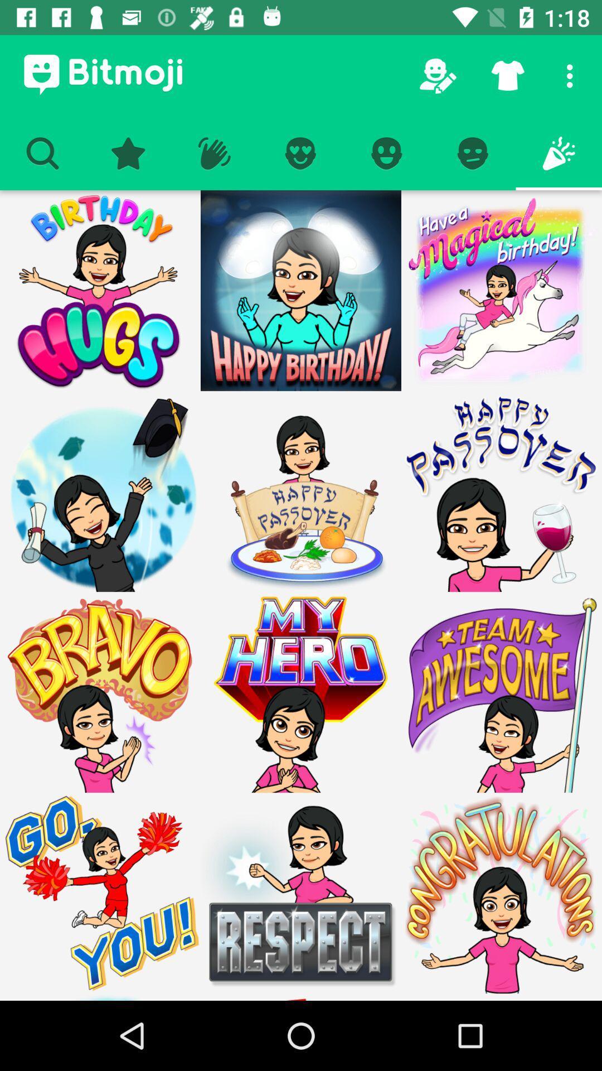  I want to click on cheerleader emoji, so click(100, 893).